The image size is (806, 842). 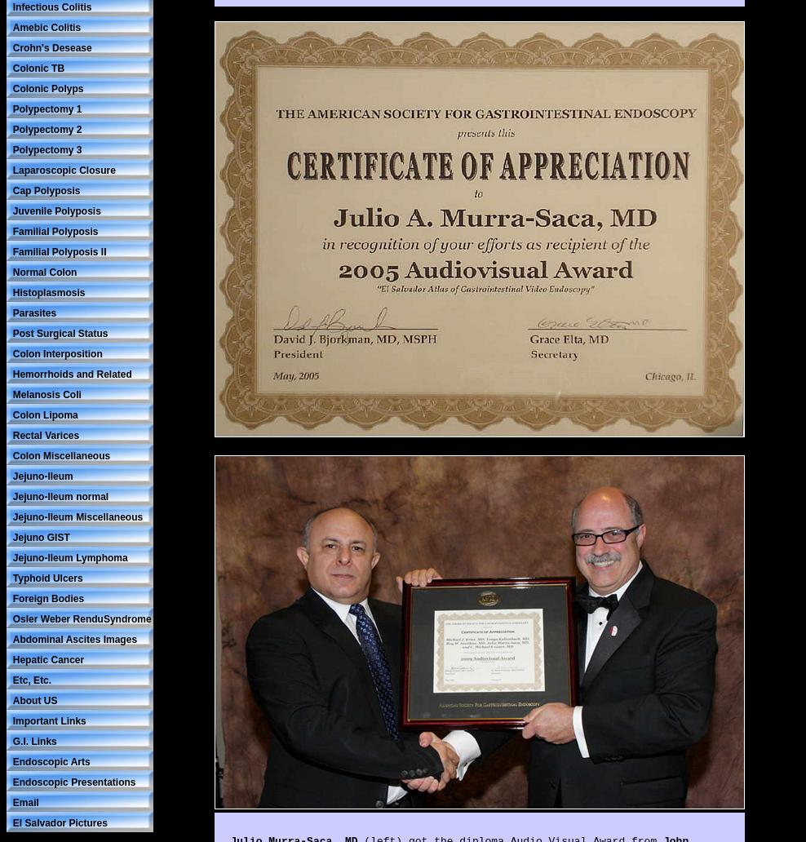 I want to click on 'Juvenile Polyposis', so click(x=55, y=210).